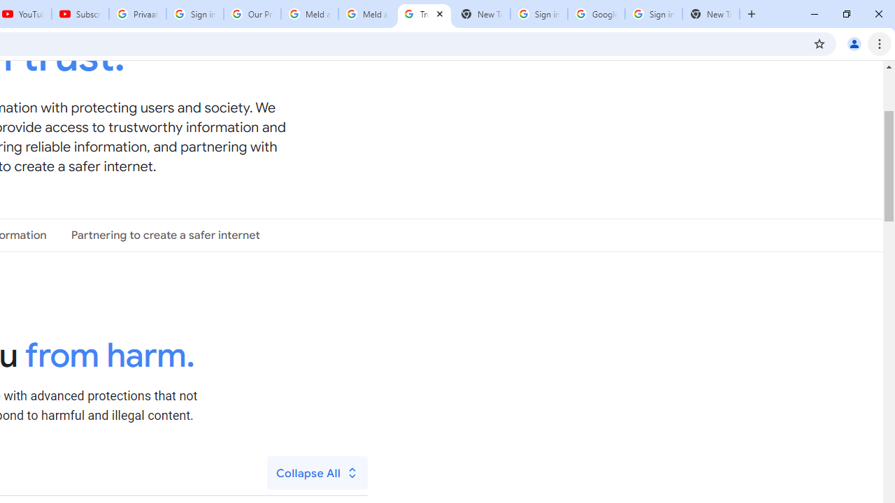 The width and height of the screenshot is (895, 503). Describe the element at coordinates (596, 14) in the screenshot. I see `'Google Cybersecurity Innovations - Google Safety Center'` at that location.